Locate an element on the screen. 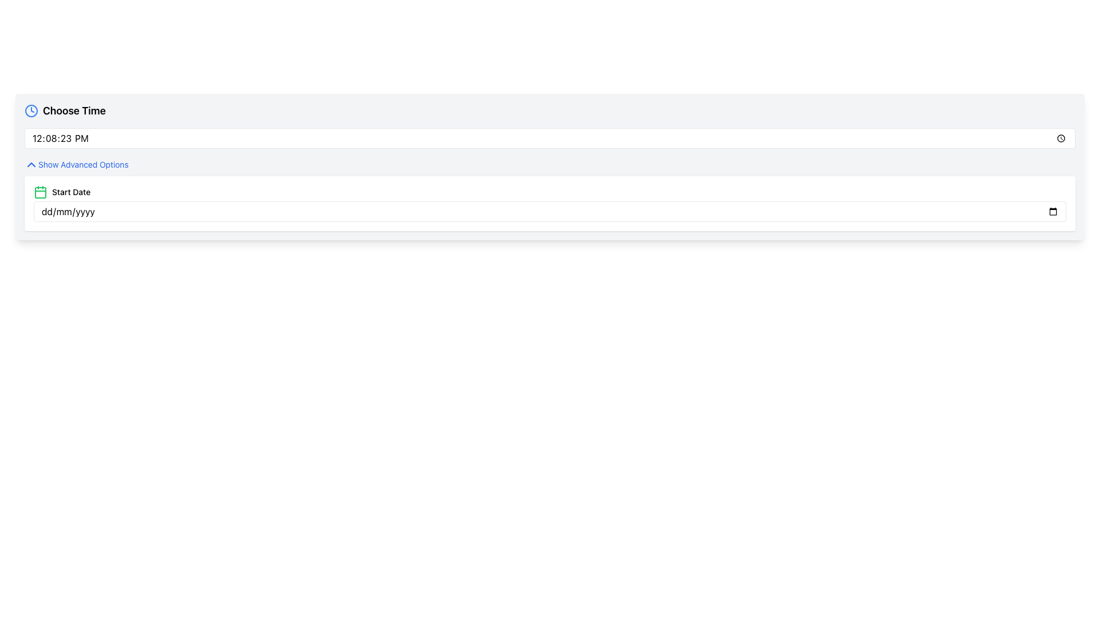  the chevron icon is located at coordinates (31, 165).